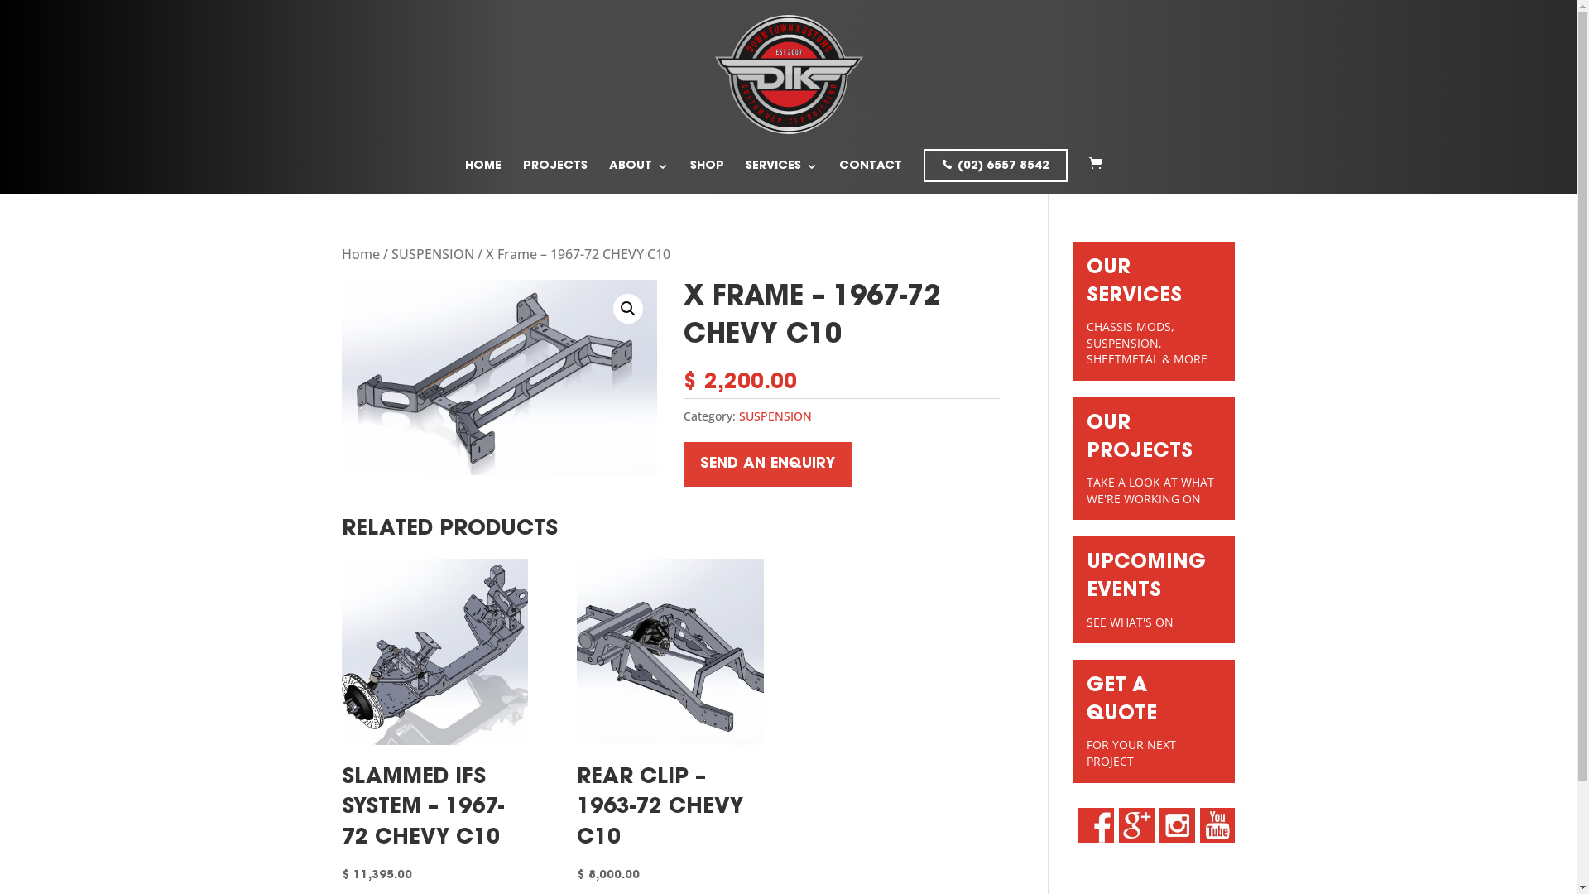 This screenshot has width=1589, height=894. I want to click on 'SUSPENSION', so click(774, 415).